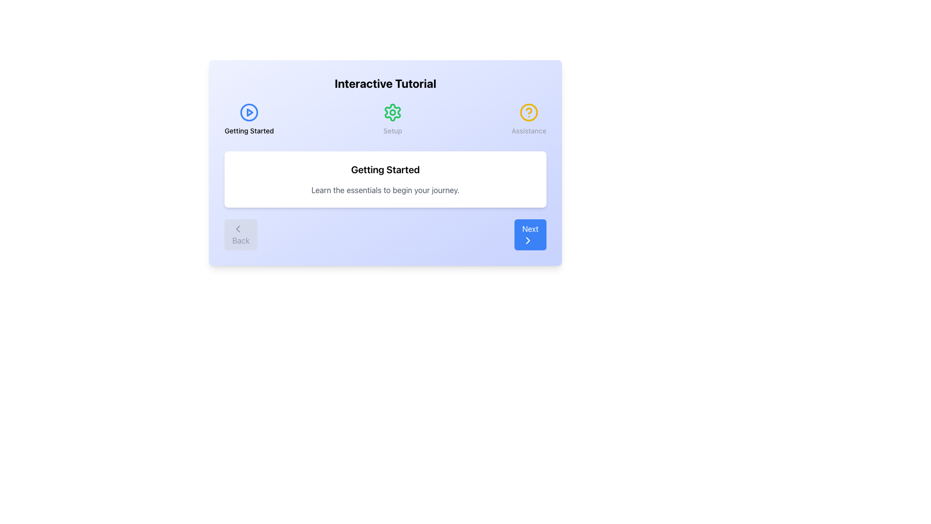  What do you see at coordinates (385, 190) in the screenshot?
I see `static text that says 'Learn the essentials to begin your journey.' located below the 'Getting Started' title in the central card-like structure` at bounding box center [385, 190].